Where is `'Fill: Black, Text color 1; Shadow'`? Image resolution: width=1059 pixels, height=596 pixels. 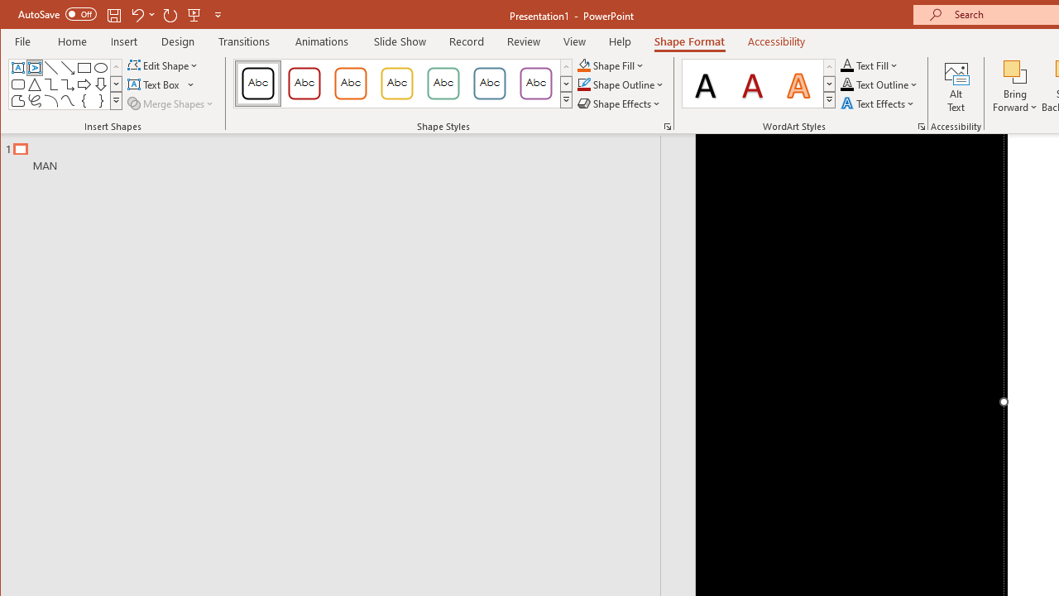
'Fill: Black, Text color 1; Shadow' is located at coordinates (706, 83).